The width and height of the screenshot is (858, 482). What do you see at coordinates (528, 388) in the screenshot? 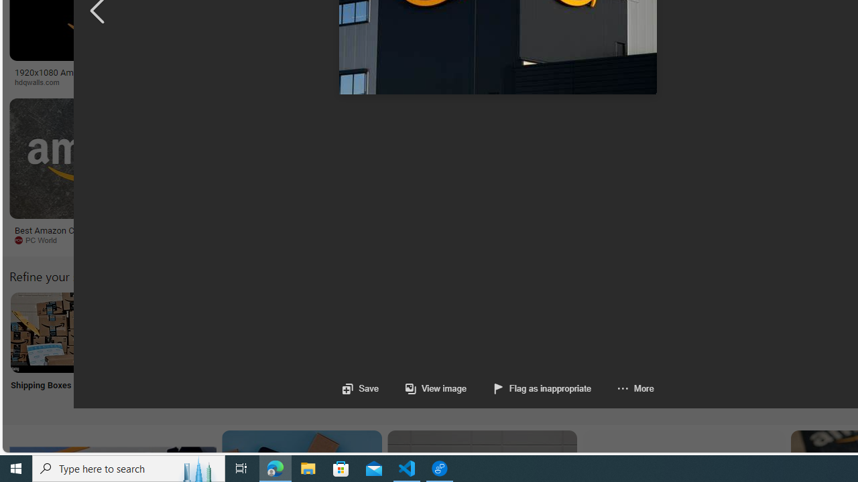
I see `'Flag as inappropriate'` at bounding box center [528, 388].